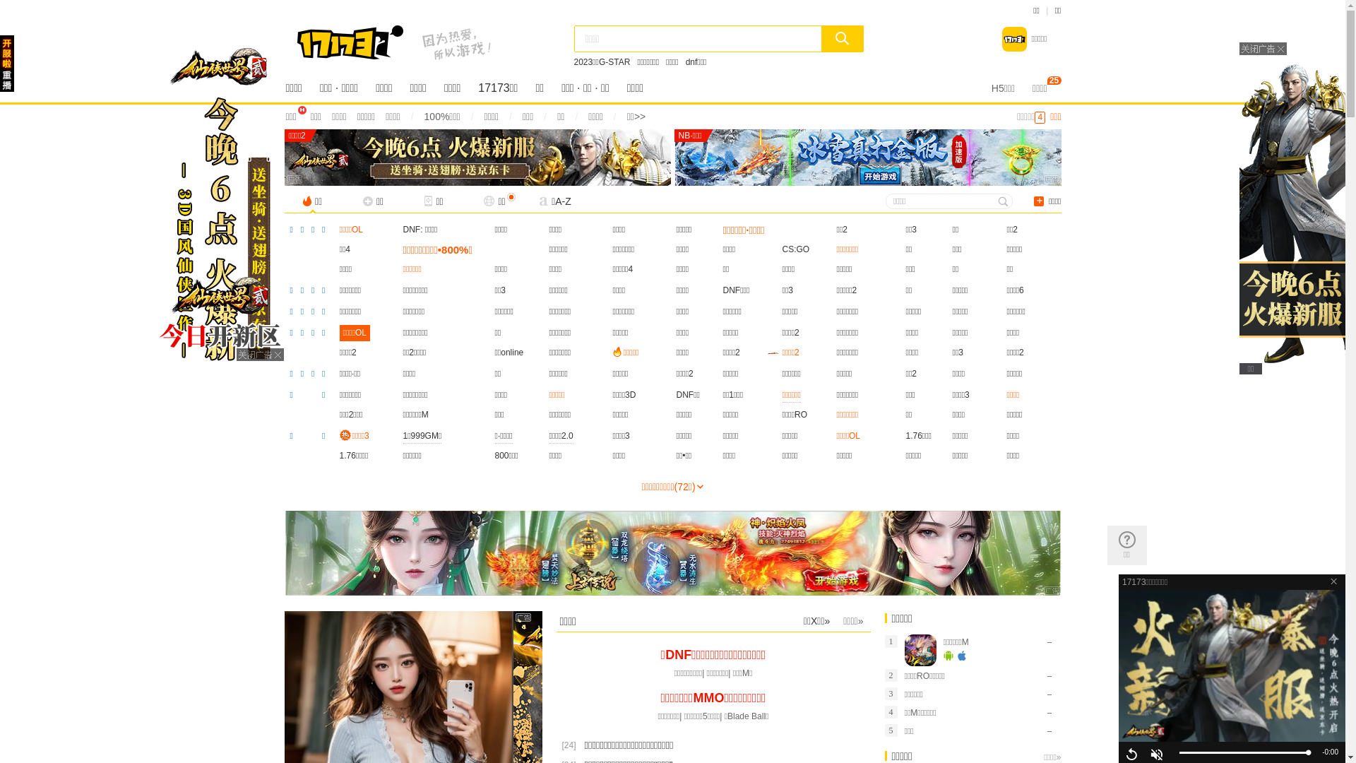  Describe the element at coordinates (796, 249) in the screenshot. I see `'CS:GO'` at that location.